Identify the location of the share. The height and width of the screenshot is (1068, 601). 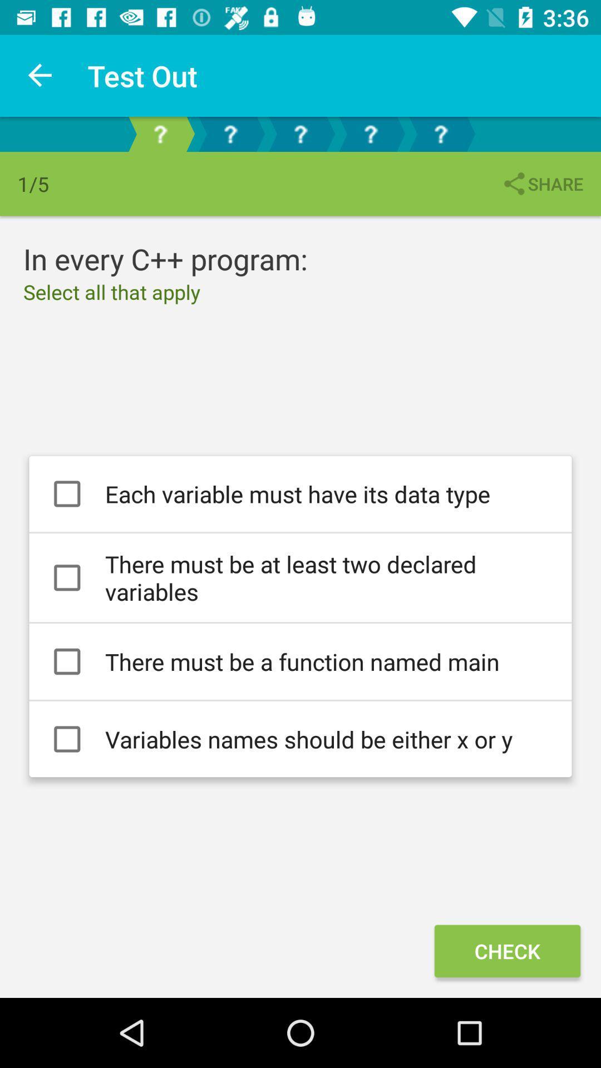
(541, 184).